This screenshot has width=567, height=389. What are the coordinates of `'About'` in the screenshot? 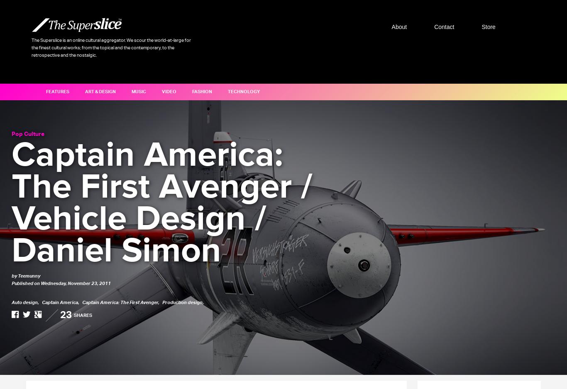 It's located at (391, 26).